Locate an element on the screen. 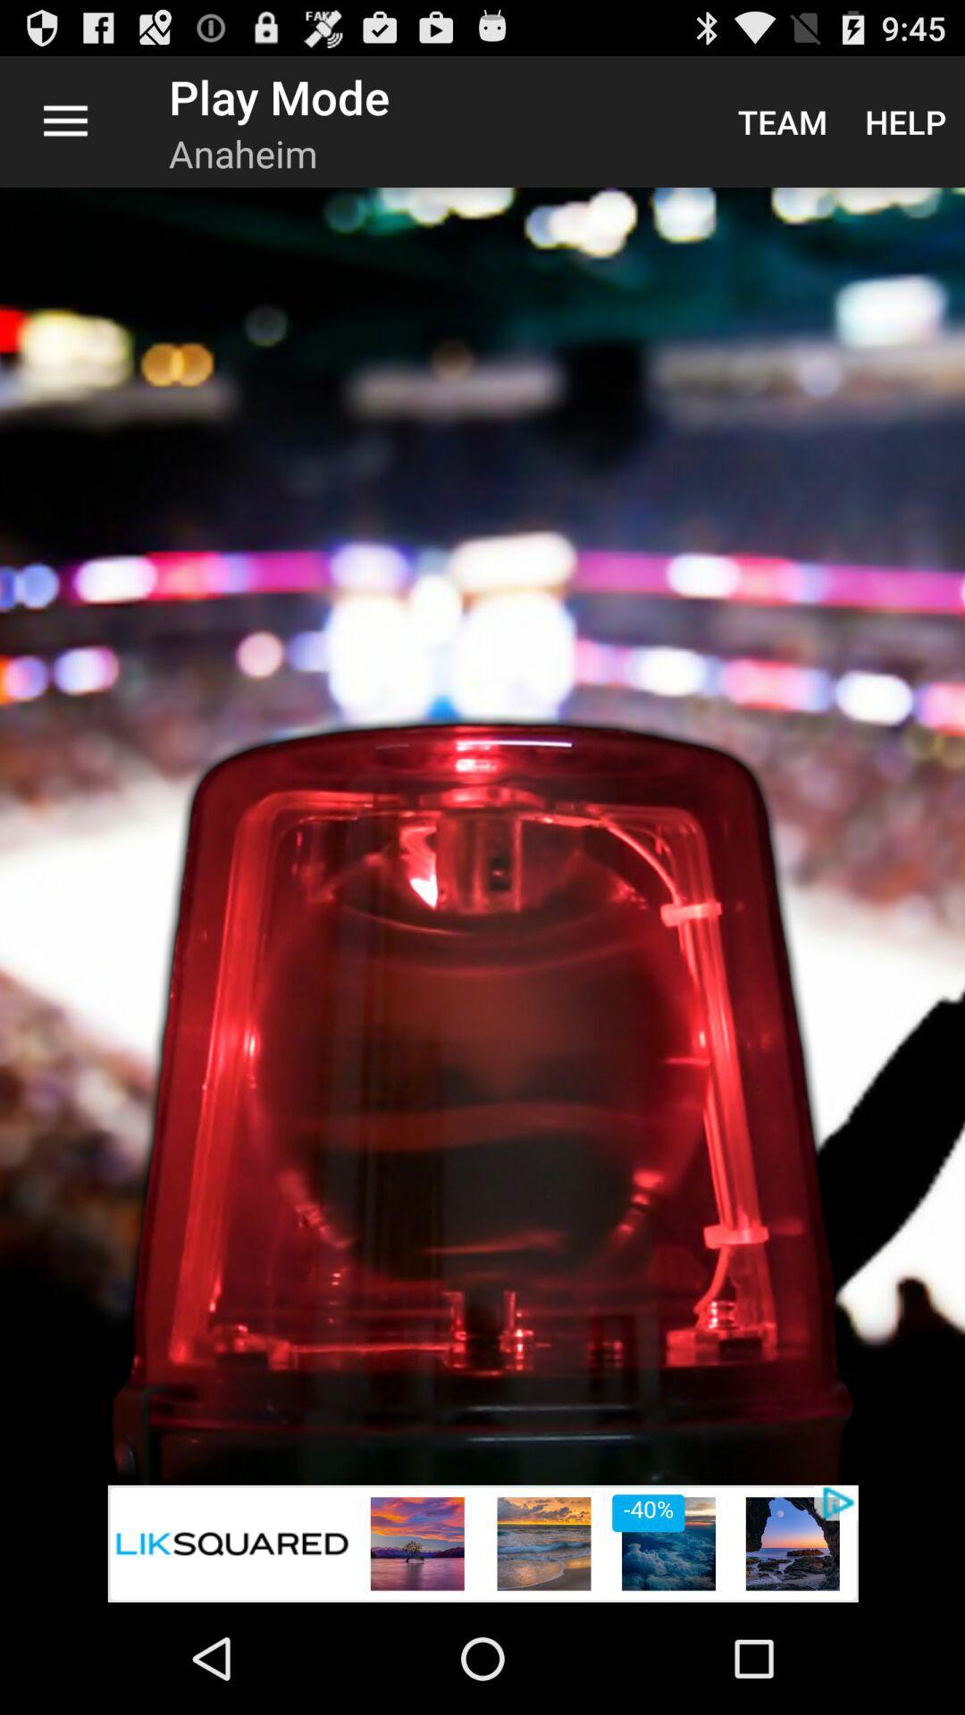 This screenshot has width=965, height=1715. item next to play mode icon is located at coordinates (781, 121).